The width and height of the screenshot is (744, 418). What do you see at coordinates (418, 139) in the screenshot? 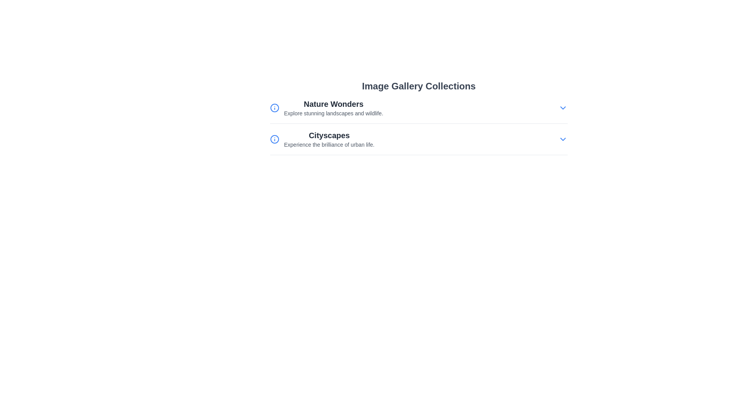
I see `the downward-facing arrow on the 'Cityscapes' list item` at bounding box center [418, 139].